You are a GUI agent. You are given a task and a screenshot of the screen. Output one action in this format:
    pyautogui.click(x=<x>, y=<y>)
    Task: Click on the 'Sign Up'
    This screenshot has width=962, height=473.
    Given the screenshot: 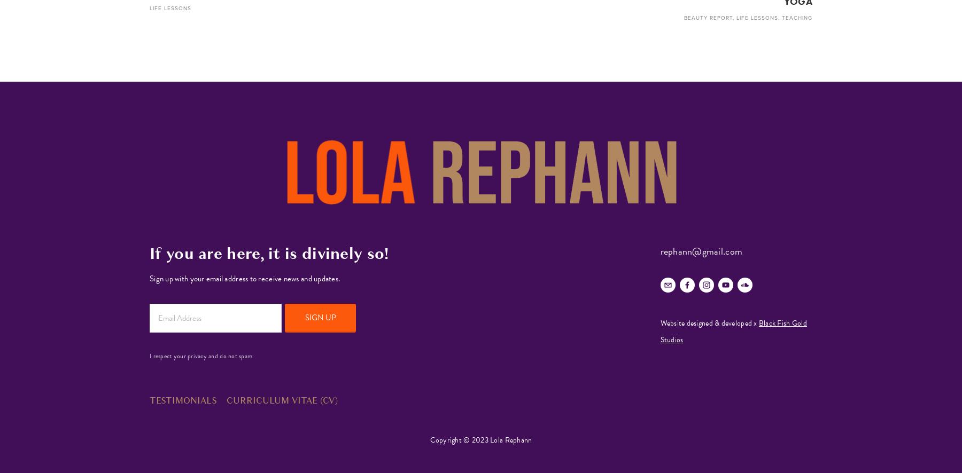 What is the action you would take?
    pyautogui.click(x=320, y=316)
    